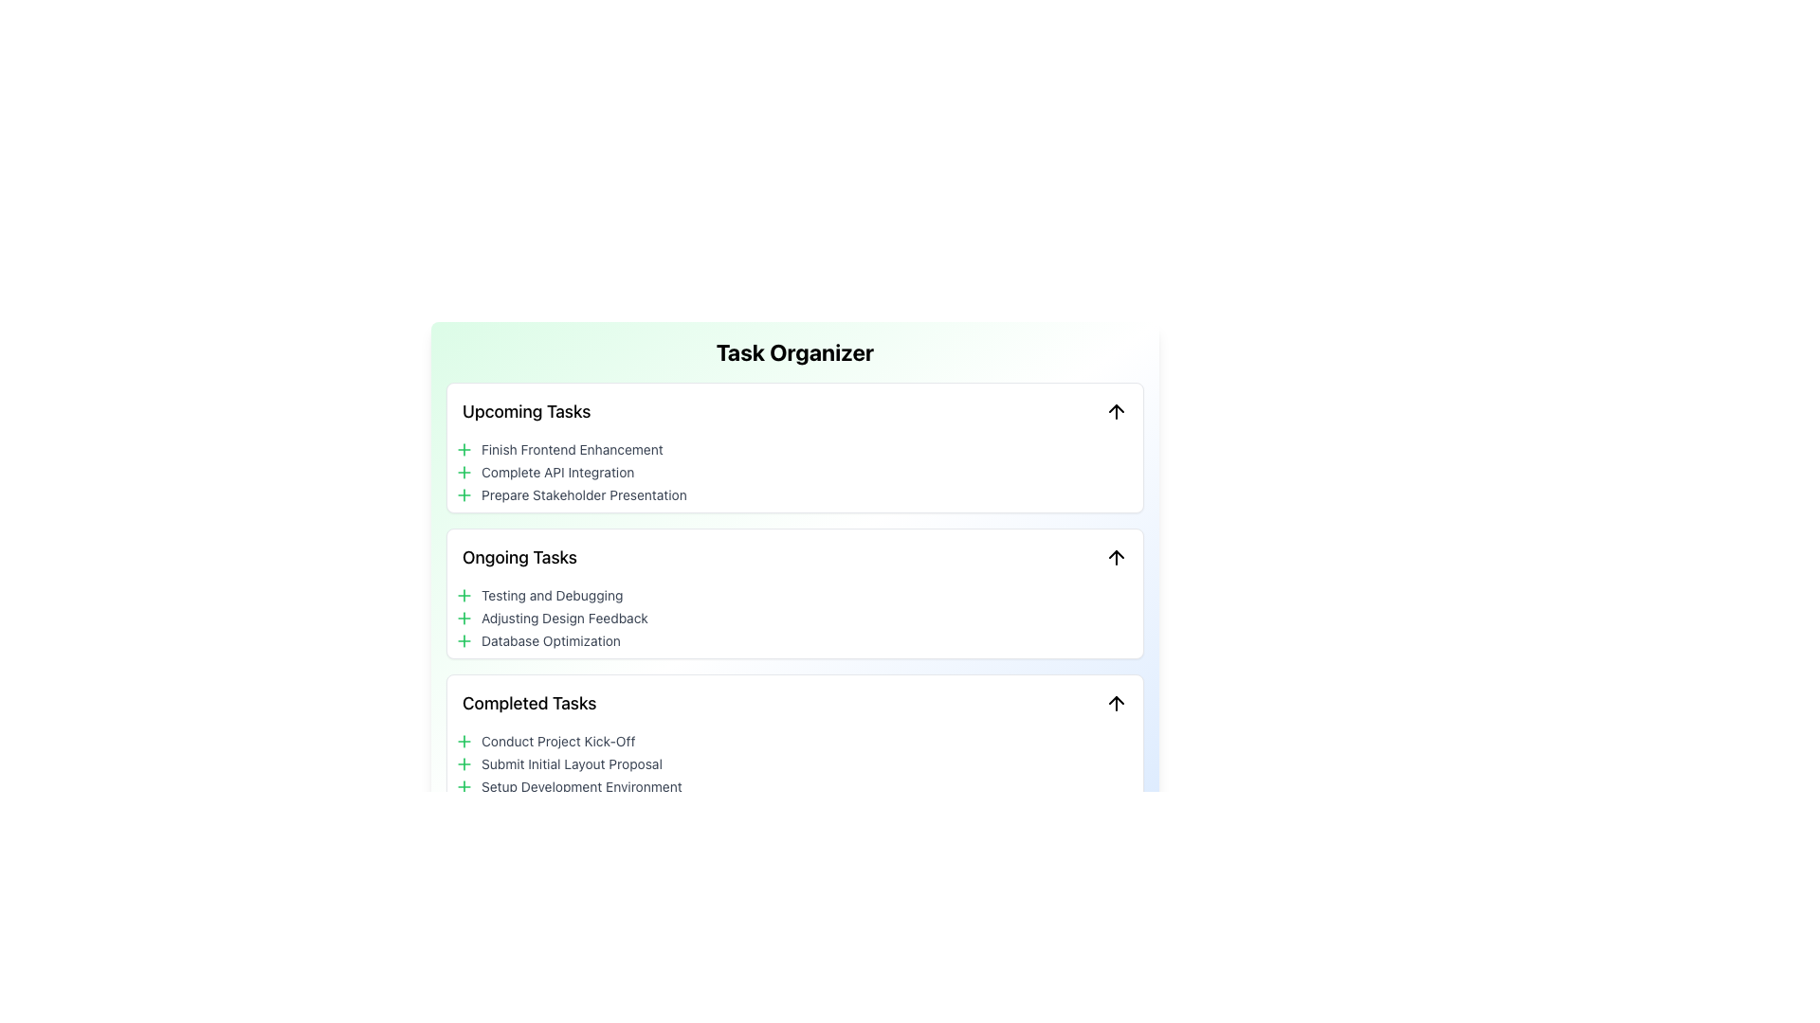 Image resolution: width=1820 pixels, height=1023 pixels. What do you see at coordinates (464, 763) in the screenshot?
I see `the icon button located to the left of the 'Submit Initial Layout Proposal' text within the 'Completed Tasks' section` at bounding box center [464, 763].